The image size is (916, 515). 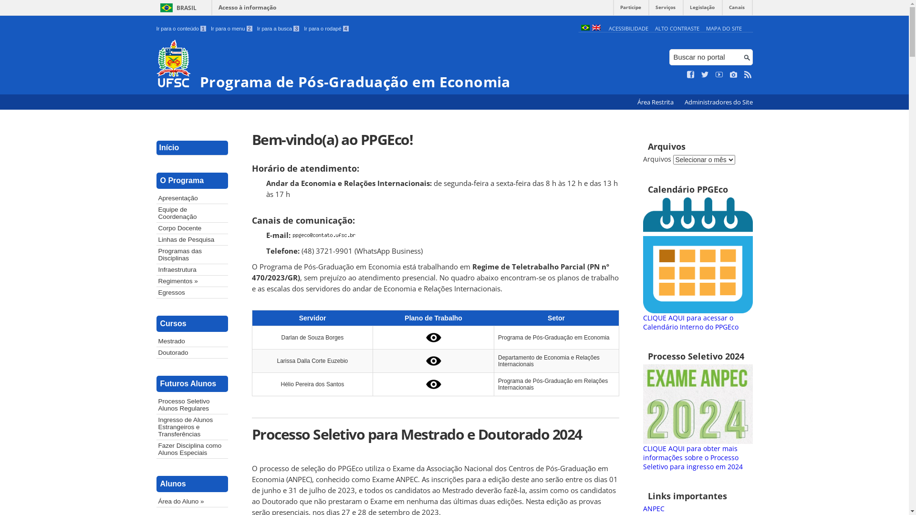 I want to click on 'MAPA DO SITE', so click(x=724, y=28).